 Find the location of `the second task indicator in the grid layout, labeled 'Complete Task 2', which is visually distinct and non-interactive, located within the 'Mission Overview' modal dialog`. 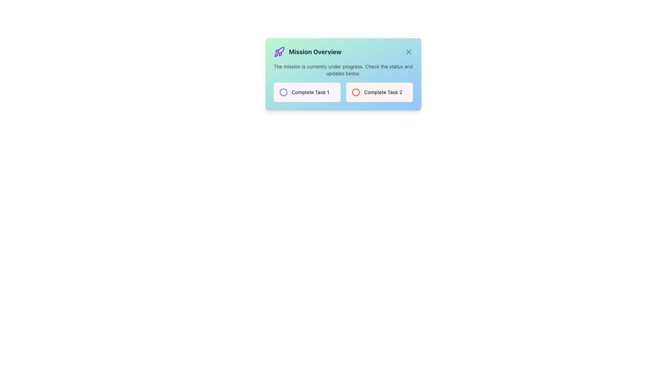

the second task indicator in the grid layout, labeled 'Complete Task 2', which is visually distinct and non-interactive, located within the 'Mission Overview' modal dialog is located at coordinates (379, 92).